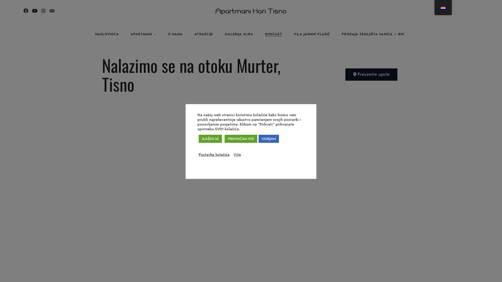 The image size is (502, 282). What do you see at coordinates (168, 34) in the screenshot?
I see `'O NAMA'` at bounding box center [168, 34].